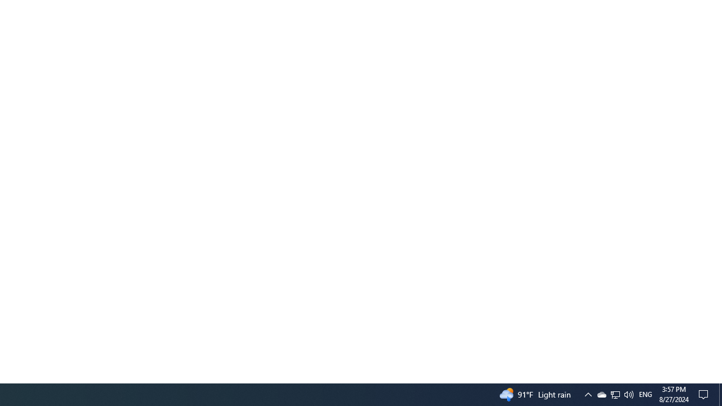  What do you see at coordinates (705, 394) in the screenshot?
I see `'Action Center, No new notifications'` at bounding box center [705, 394].